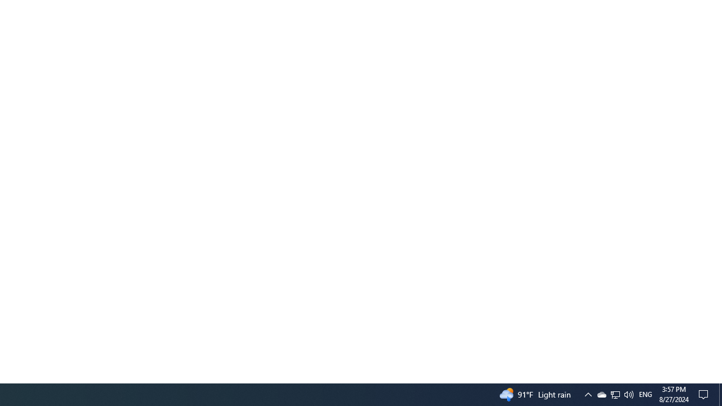  What do you see at coordinates (705, 394) in the screenshot?
I see `'Action Center, No new notifications'` at bounding box center [705, 394].